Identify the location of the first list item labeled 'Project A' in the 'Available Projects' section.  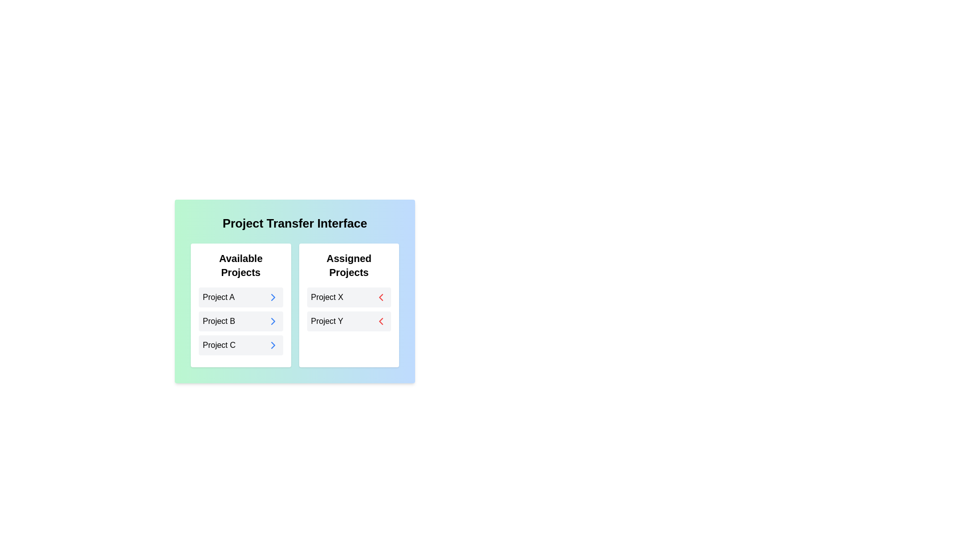
(241, 297).